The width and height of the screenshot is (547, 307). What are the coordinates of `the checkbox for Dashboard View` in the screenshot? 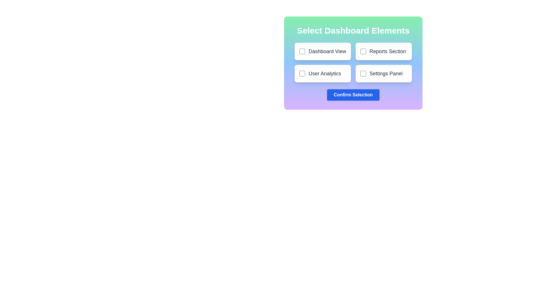 It's located at (302, 51).